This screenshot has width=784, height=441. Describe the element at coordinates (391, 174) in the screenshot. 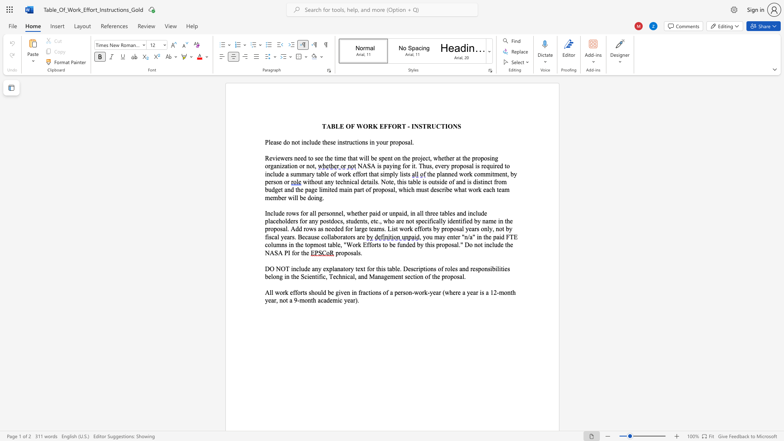

I see `the 1th character "p" in the text` at that location.